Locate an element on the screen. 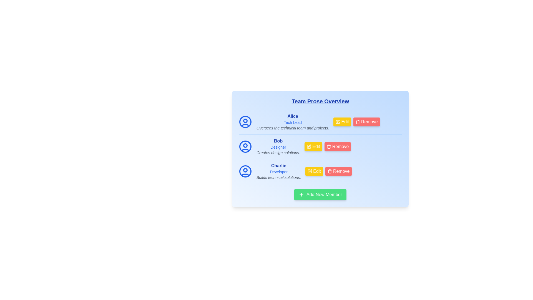 The width and height of the screenshot is (533, 300). the circular graphical icon outlined in blue that represents the user profile for 'Alice' is located at coordinates (245, 122).